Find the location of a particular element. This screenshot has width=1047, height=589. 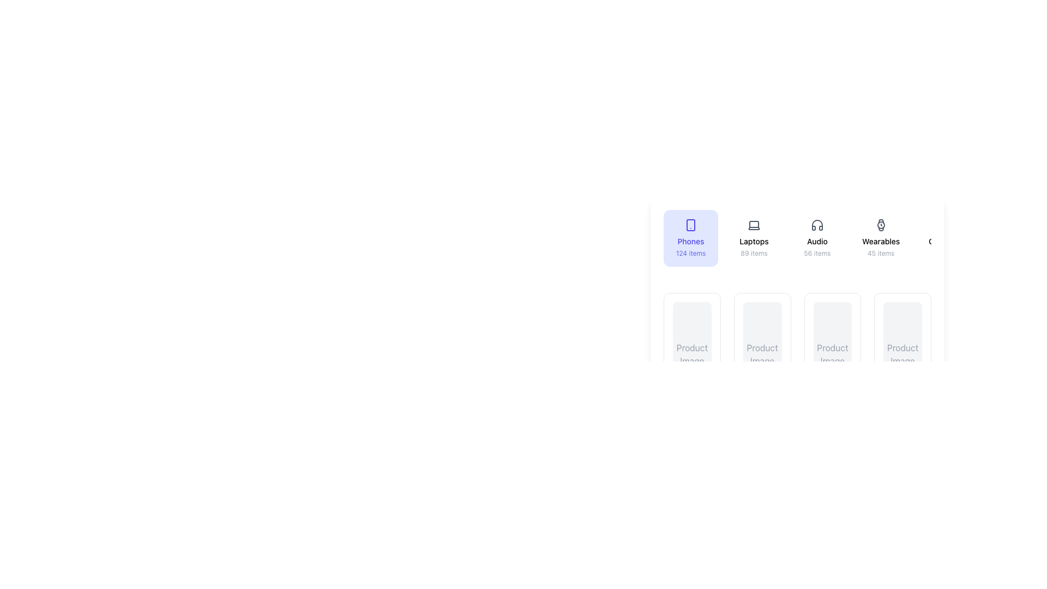

the category selector for 'Phones' is located at coordinates (797, 242).